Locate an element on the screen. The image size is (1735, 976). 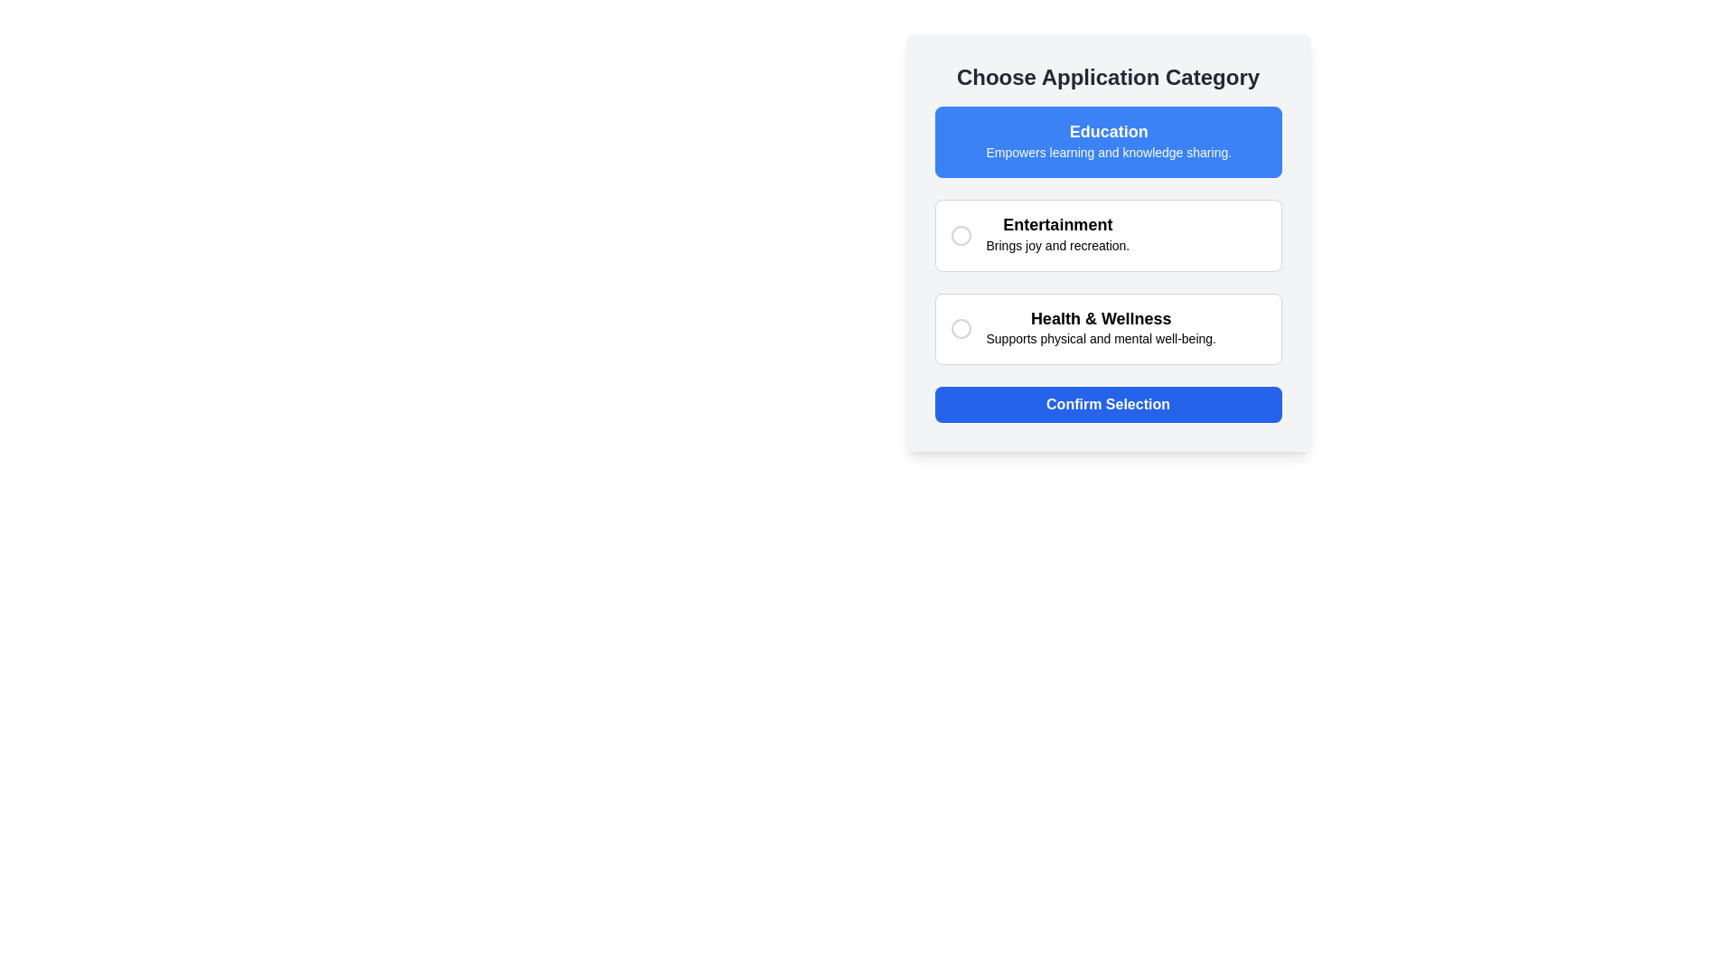
the circular SVG element with a thin border in the 'Entertainment' section, positioned to the left of the text label is located at coordinates (960, 234).